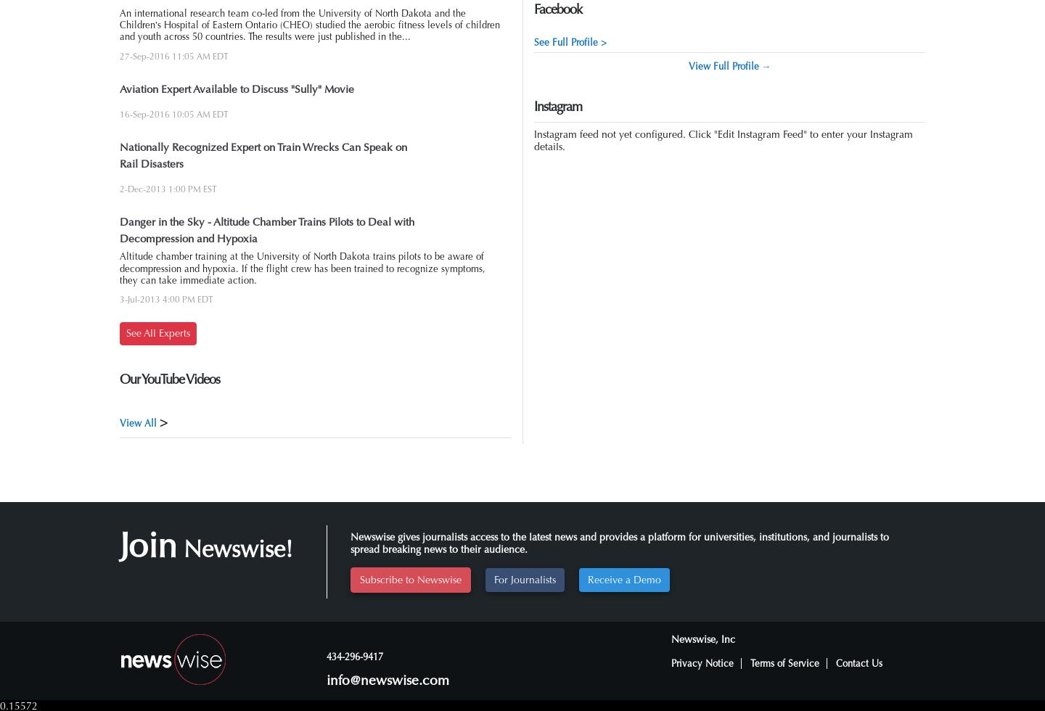 This screenshot has width=1045, height=711. I want to click on 'Aviation Expert Available to Discuss "Sully" Movie', so click(237, 89).